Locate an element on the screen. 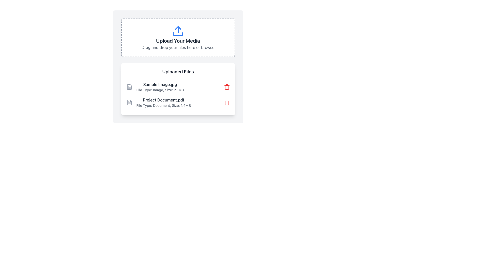  the textual component displaying 'File Type: Document, Size: 1.4MB' which is styled with a gray-colored font and located below 'Project Document.pdf' is located at coordinates (163, 105).